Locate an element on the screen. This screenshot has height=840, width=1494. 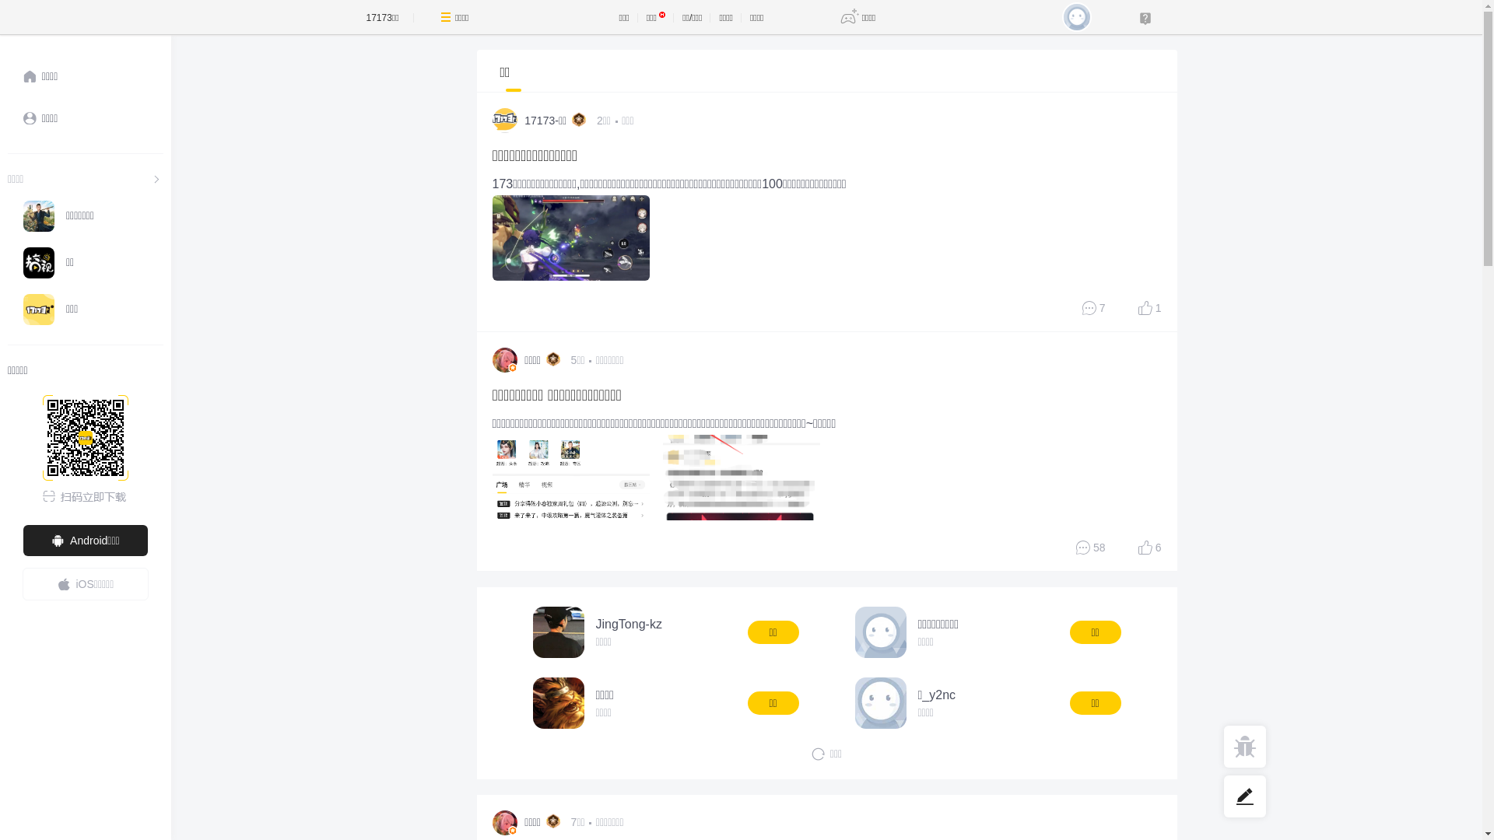
'7' is located at coordinates (1093, 308).